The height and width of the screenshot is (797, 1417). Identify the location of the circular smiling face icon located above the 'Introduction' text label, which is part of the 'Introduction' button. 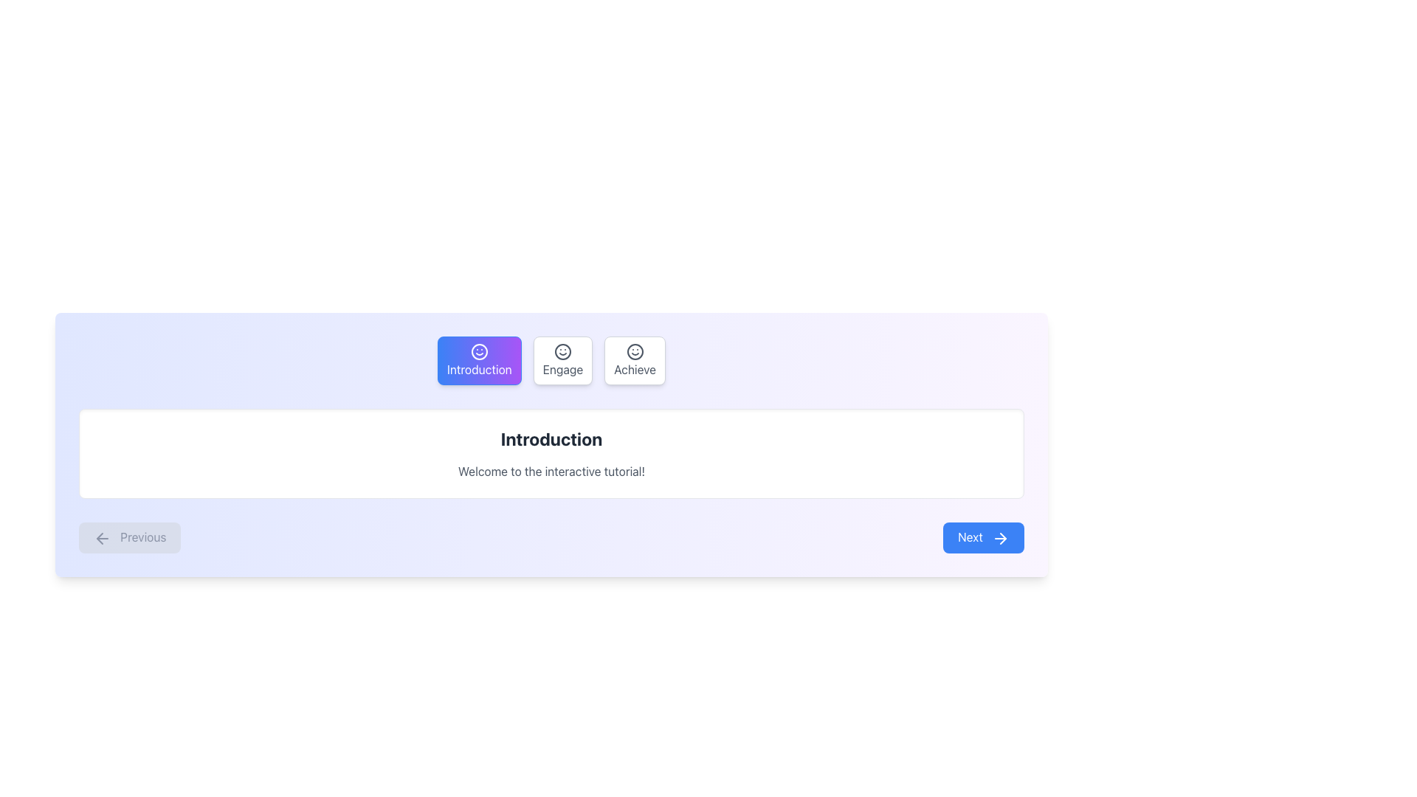
(479, 352).